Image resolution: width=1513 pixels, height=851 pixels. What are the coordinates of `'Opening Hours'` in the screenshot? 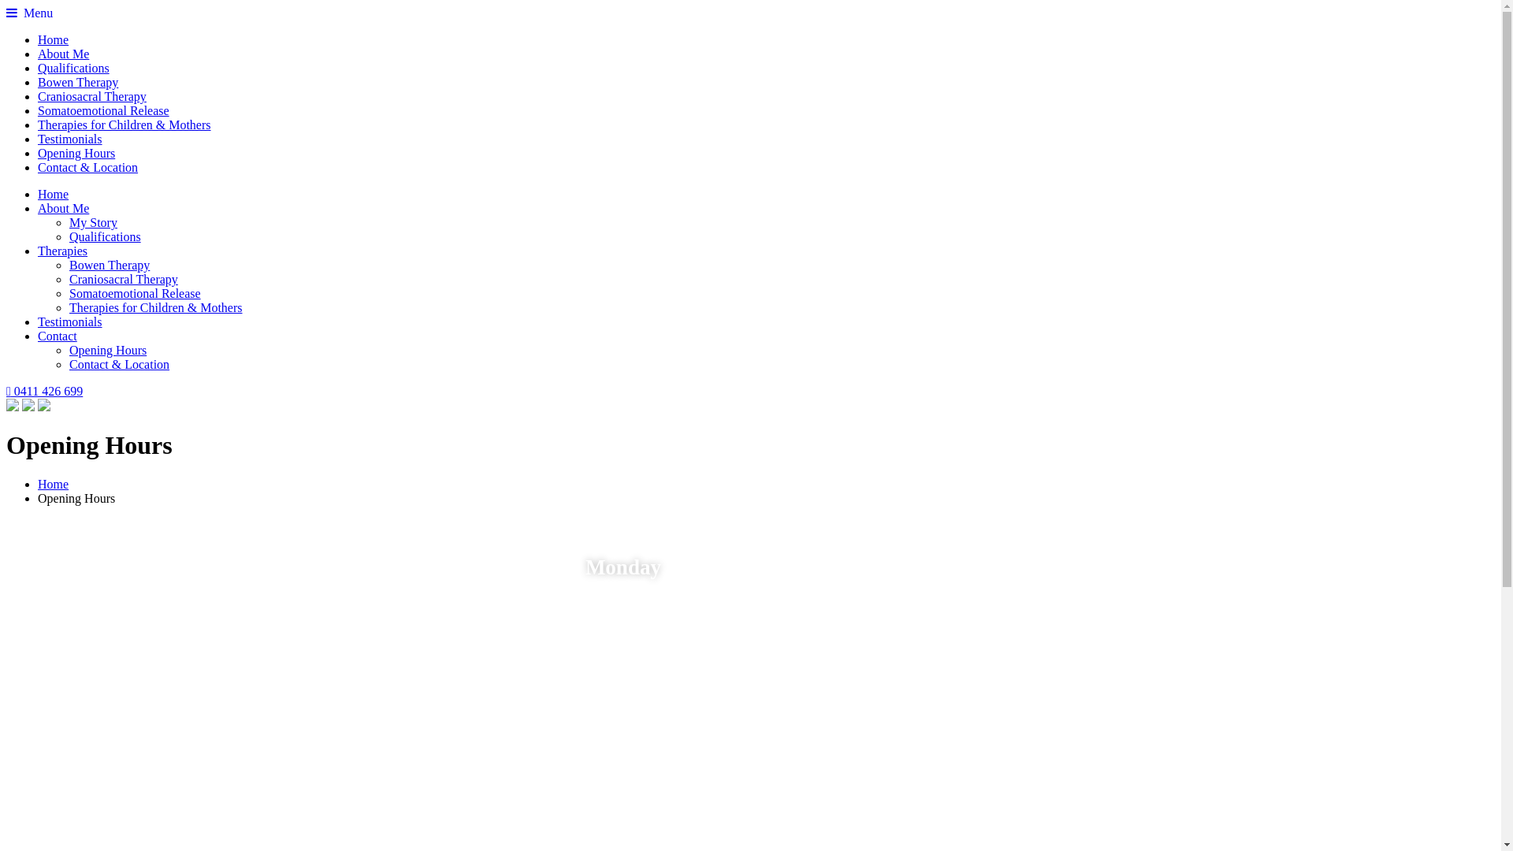 It's located at (75, 153).